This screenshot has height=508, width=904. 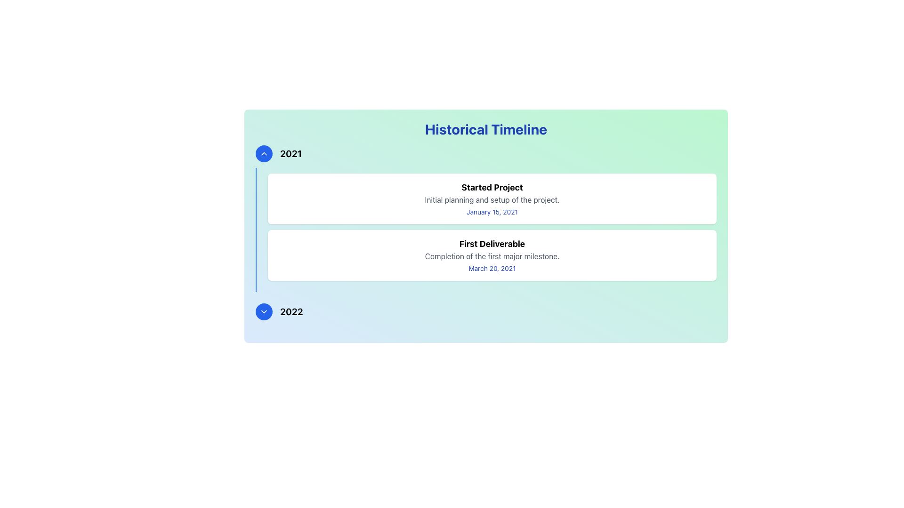 What do you see at coordinates (486, 129) in the screenshot?
I see `text from the header labeled 'Historical Timeline', which is styled in large, bold font with a blue-gradient color and is prominently positioned at the top of a section` at bounding box center [486, 129].